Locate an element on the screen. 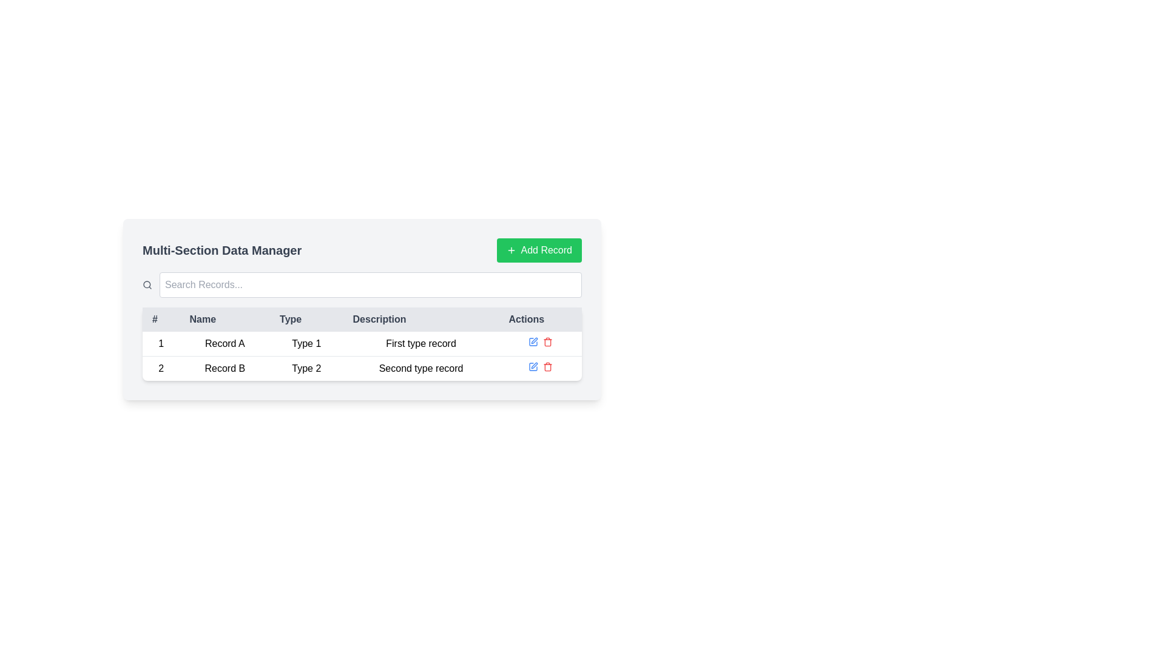  the small search icon located in the top-left portion of the panel, positioned to the left of the 'Search Records...' input box is located at coordinates (147, 285).